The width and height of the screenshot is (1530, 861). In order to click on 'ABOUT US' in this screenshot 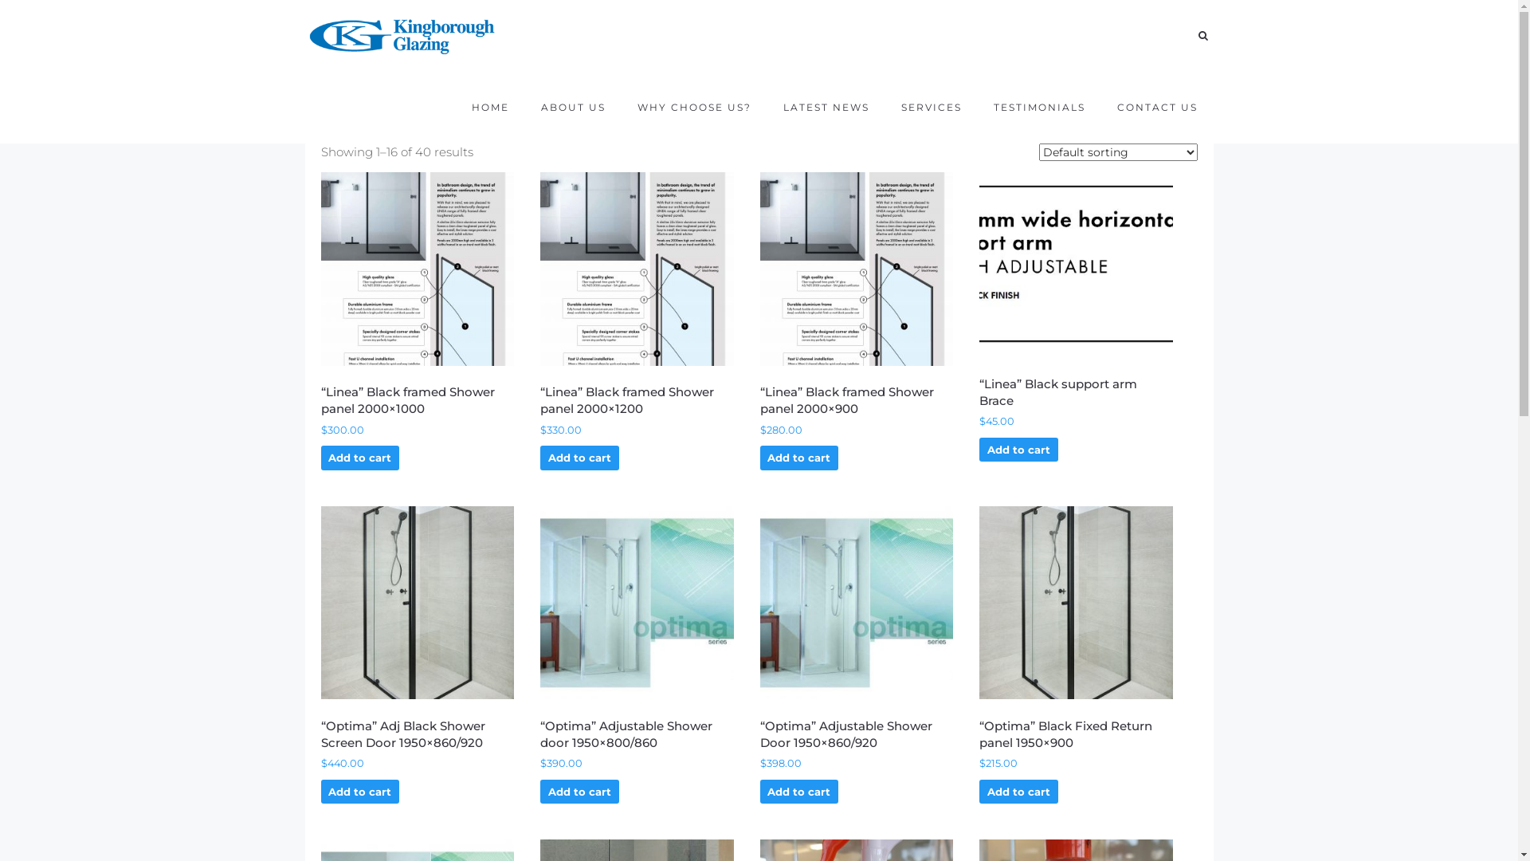, I will do `click(573, 108)`.